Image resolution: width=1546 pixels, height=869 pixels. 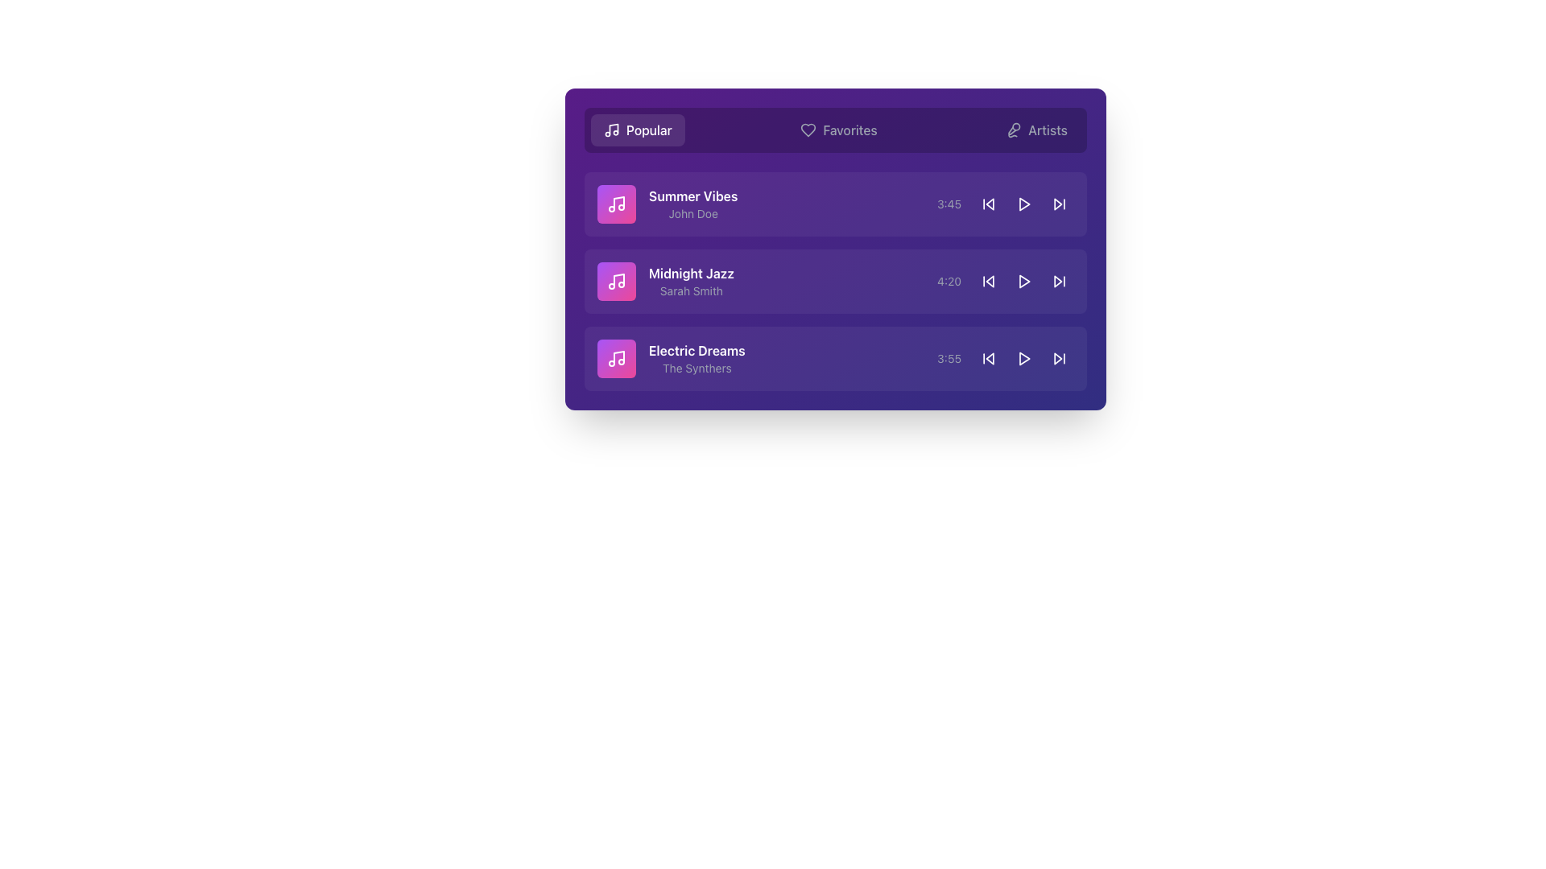 I want to click on the text label displaying the artist's name for the song 'Summer Vibes' located at the bottom of the first card in the song playlist, so click(x=693, y=213).